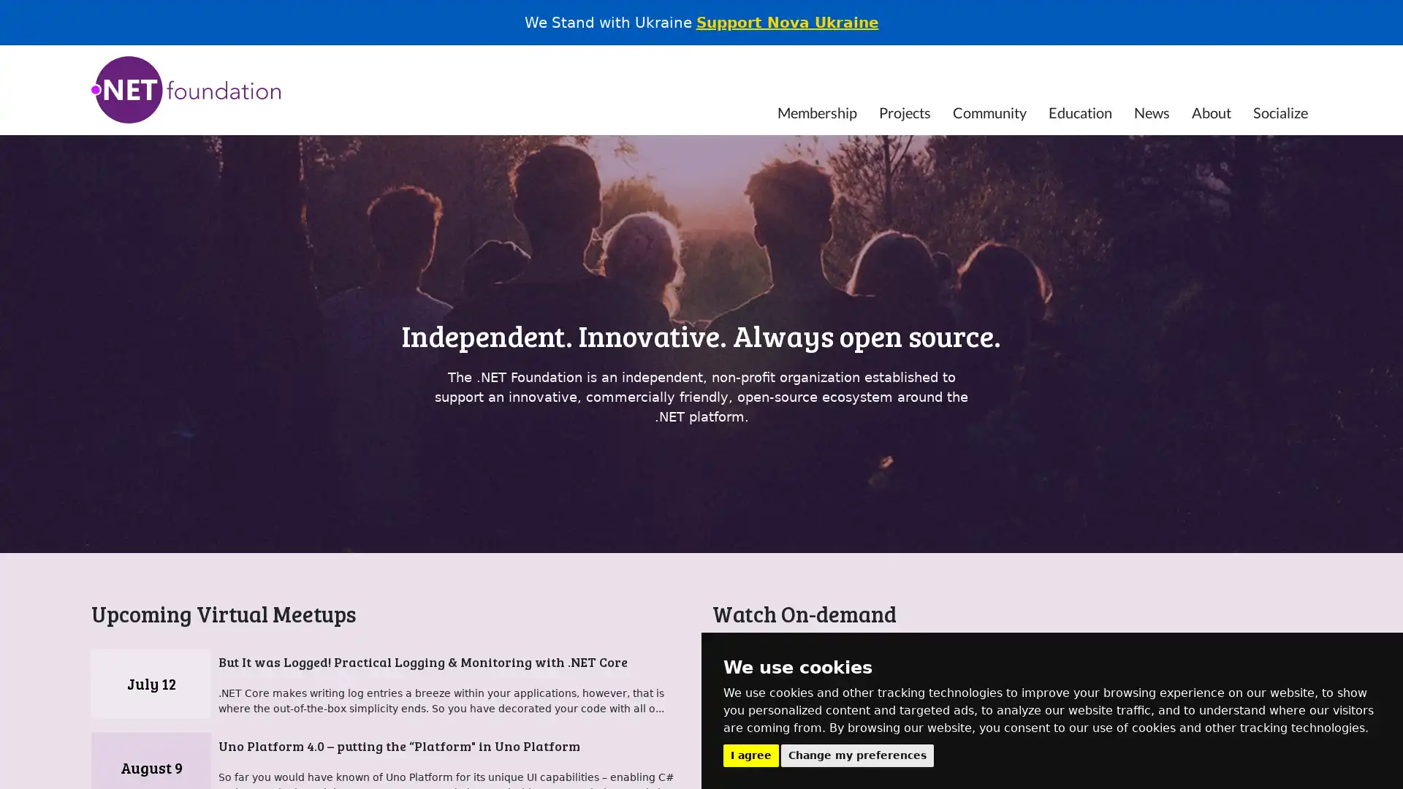 The image size is (1403, 789). Describe the element at coordinates (856, 755) in the screenshot. I see `Change my preferences` at that location.